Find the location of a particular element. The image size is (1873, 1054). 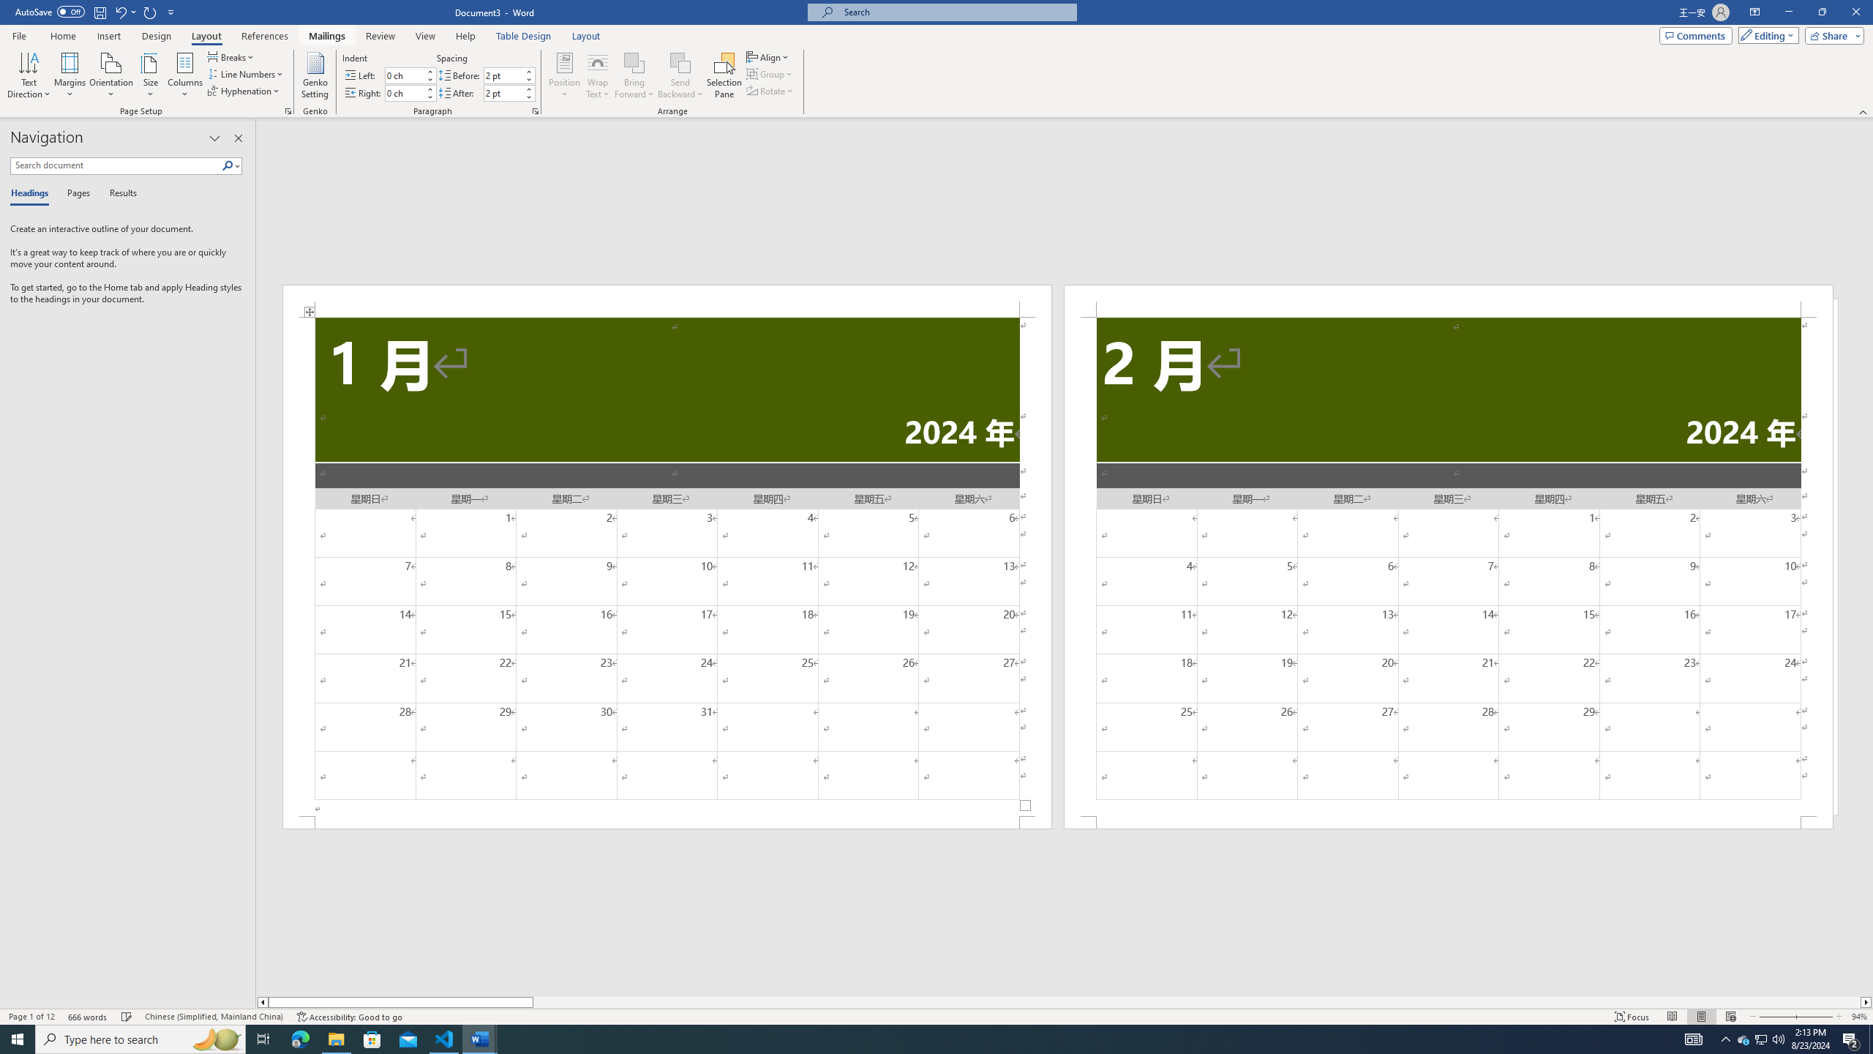

'AutoSave' is located at coordinates (50, 11).